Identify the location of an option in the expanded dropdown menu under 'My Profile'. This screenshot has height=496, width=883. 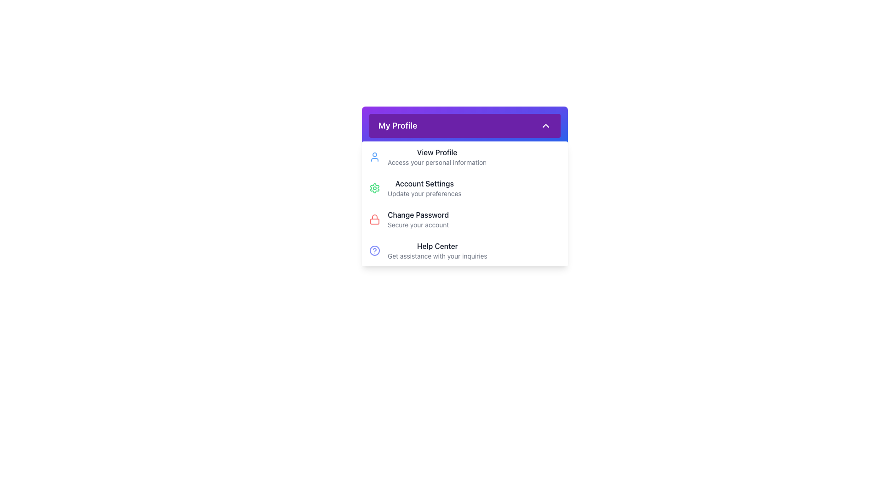
(465, 203).